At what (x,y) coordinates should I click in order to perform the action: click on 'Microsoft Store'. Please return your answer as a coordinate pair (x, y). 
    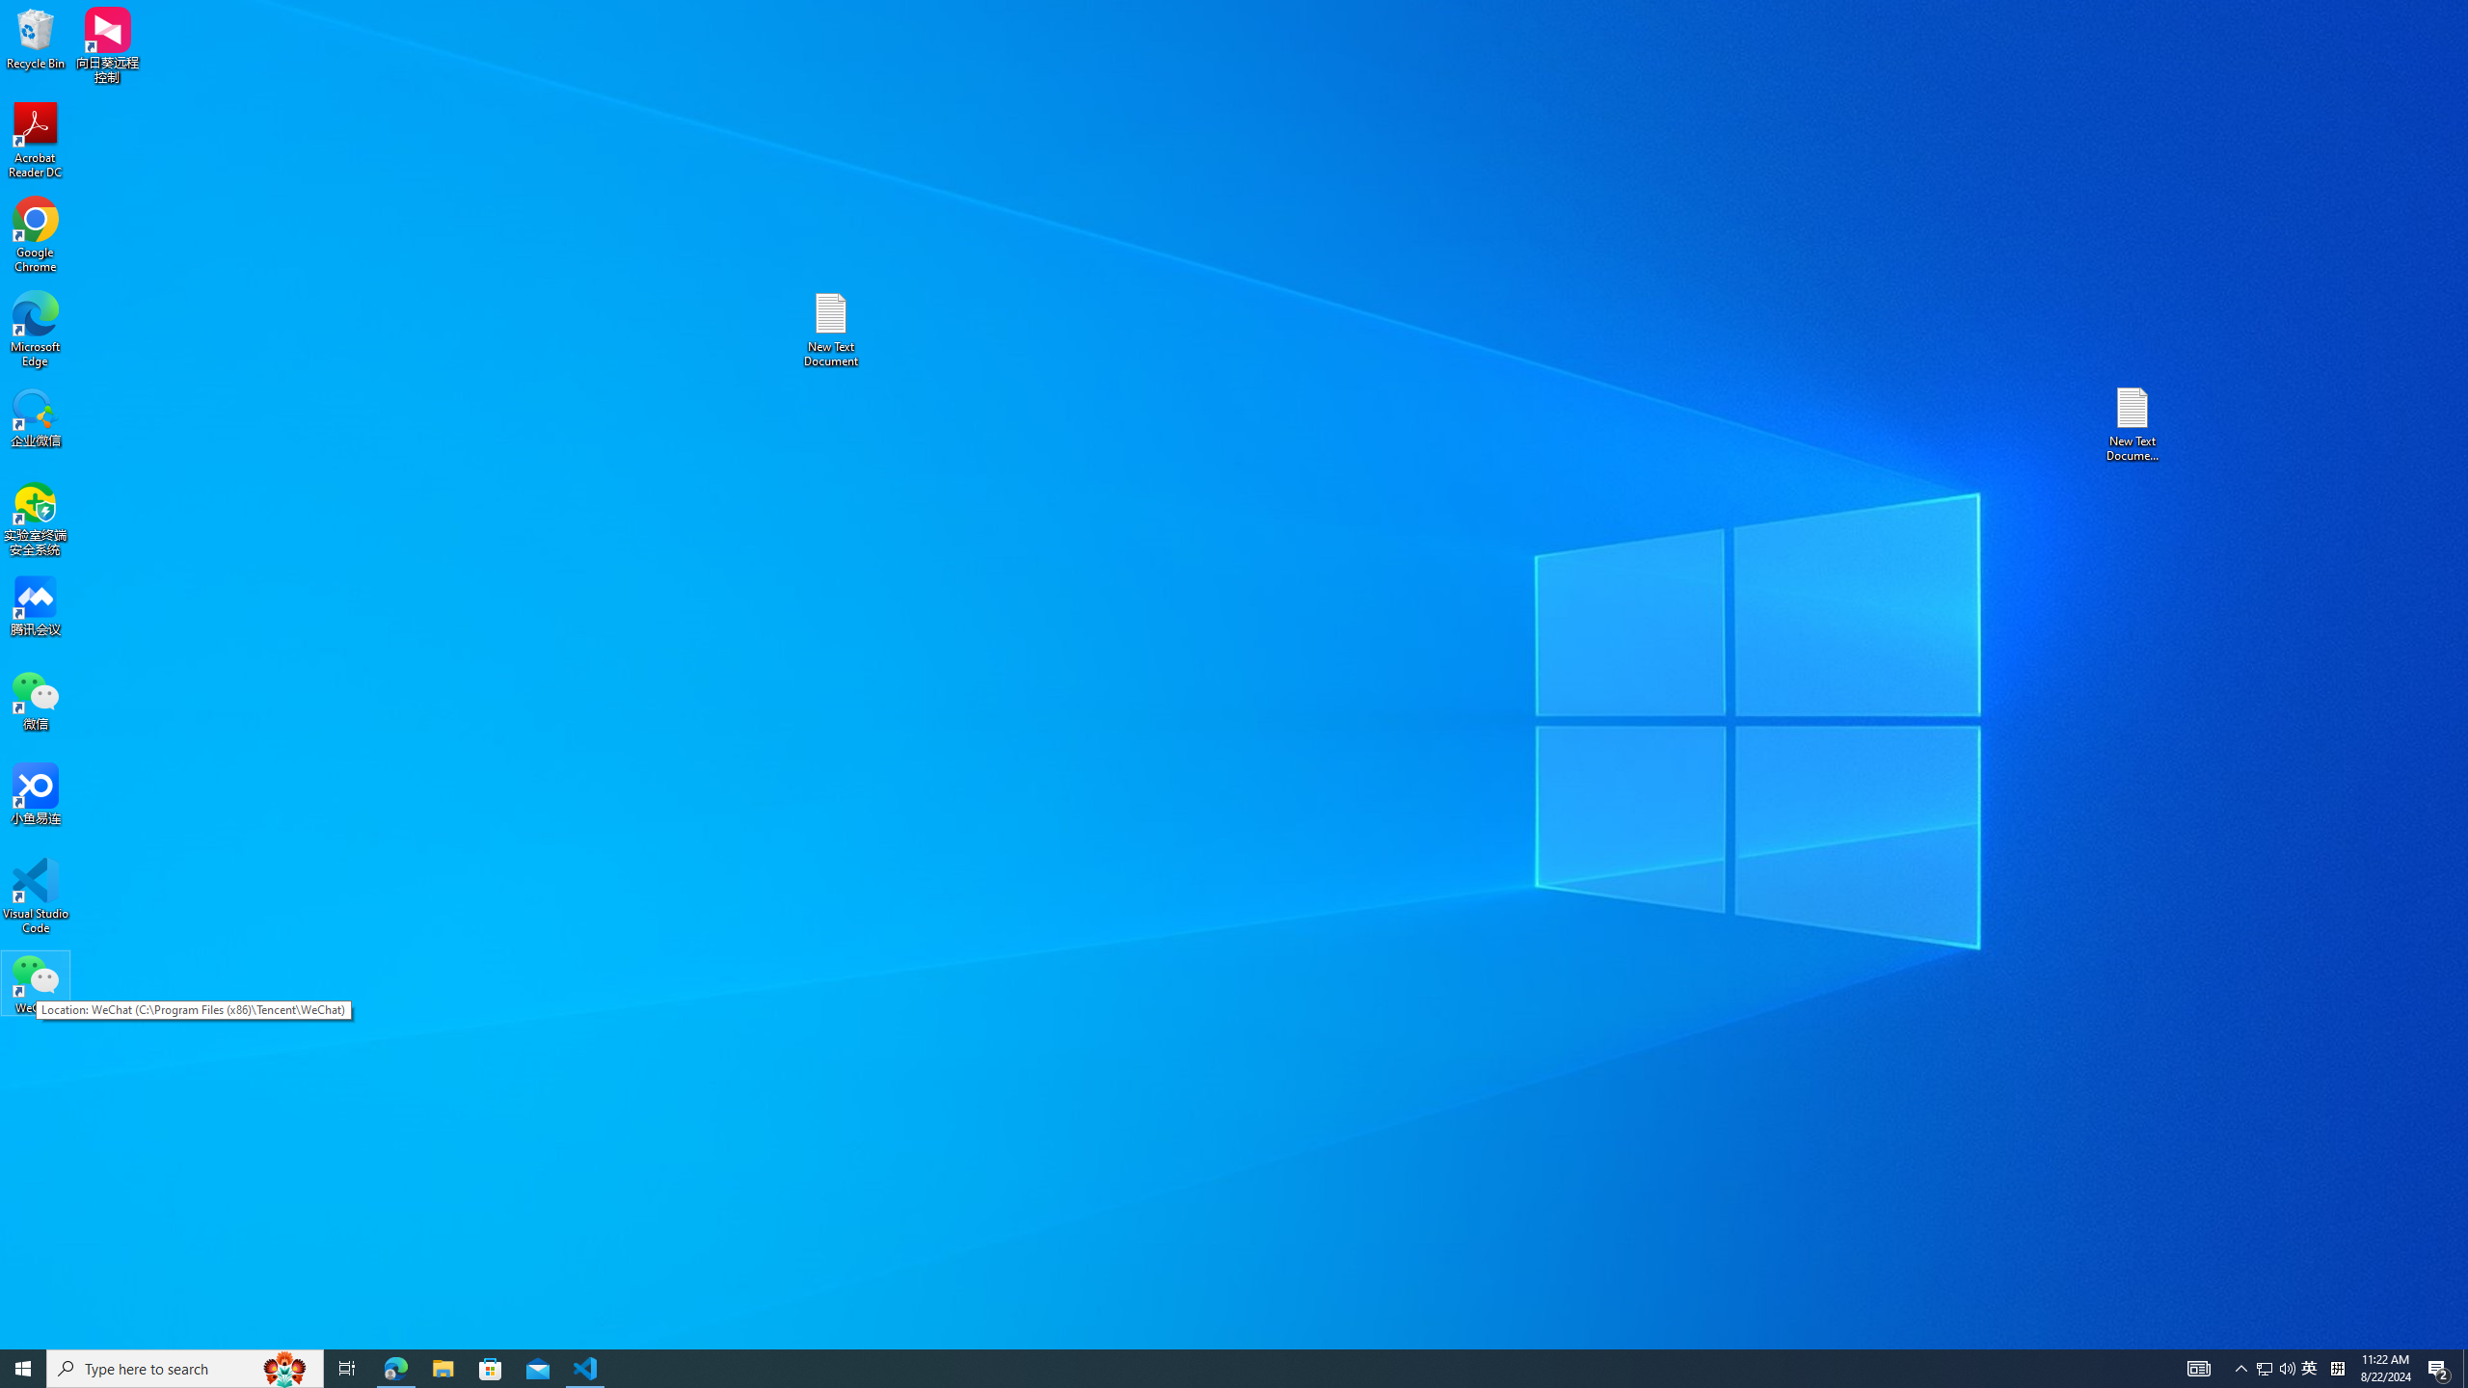
    Looking at the image, I should click on (491, 1367).